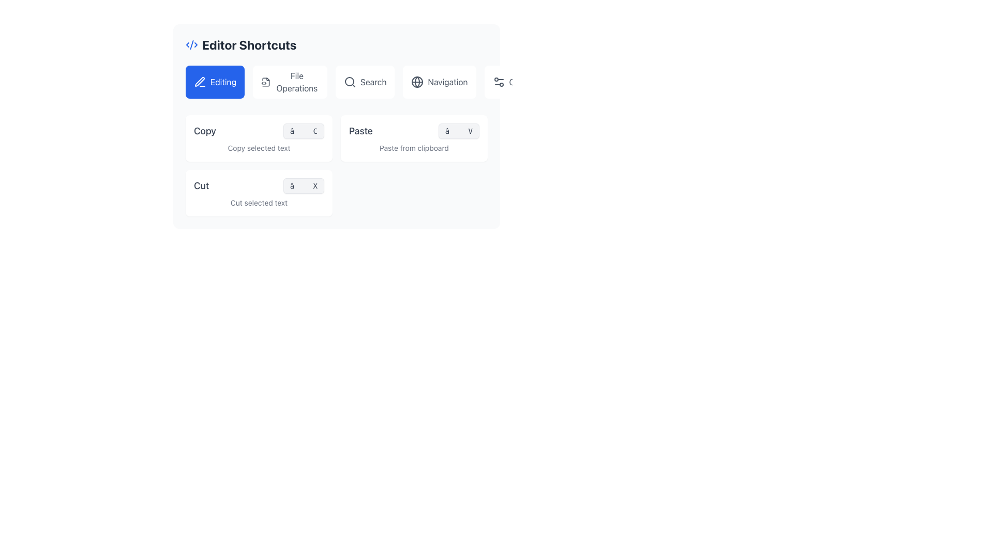  I want to click on and read the 'Navigation' text label, which is dark gray and styled with a clean sans-serif font, positioned to the right of a globe icon in the upper-right toolbar, so click(447, 81).